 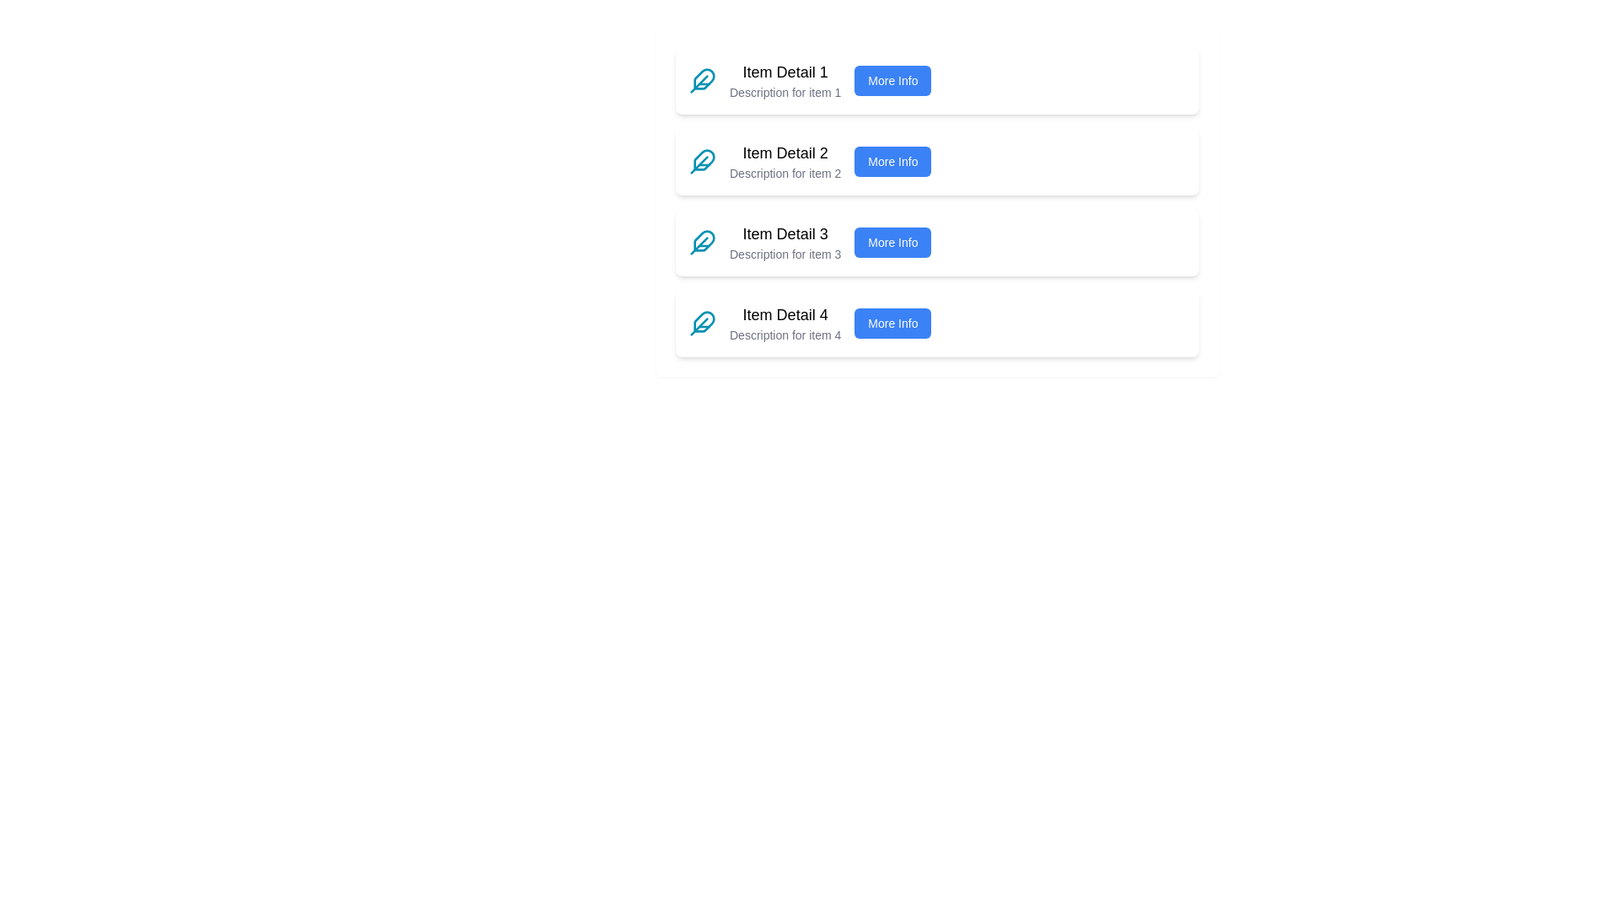 I want to click on the text block that displays 'Item Detail 3' and 'Description for item 3' in the third row of the vertically-aligned list, so click(x=785, y=243).